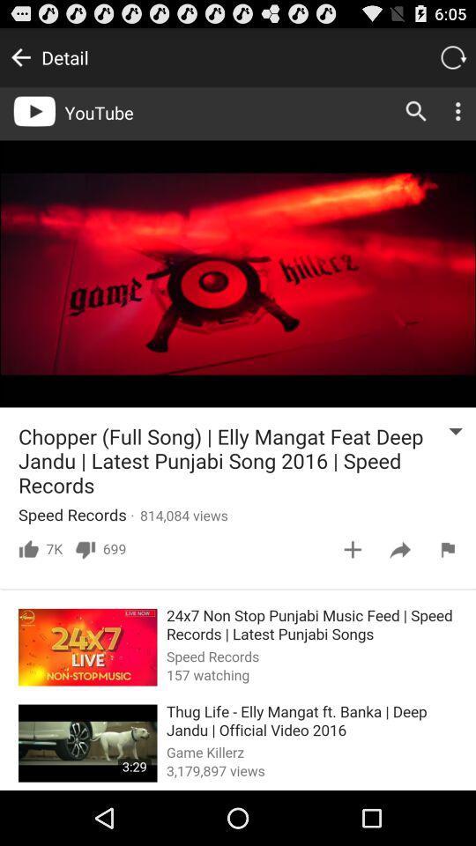  What do you see at coordinates (19, 61) in the screenshot?
I see `the arrow_backward icon` at bounding box center [19, 61].